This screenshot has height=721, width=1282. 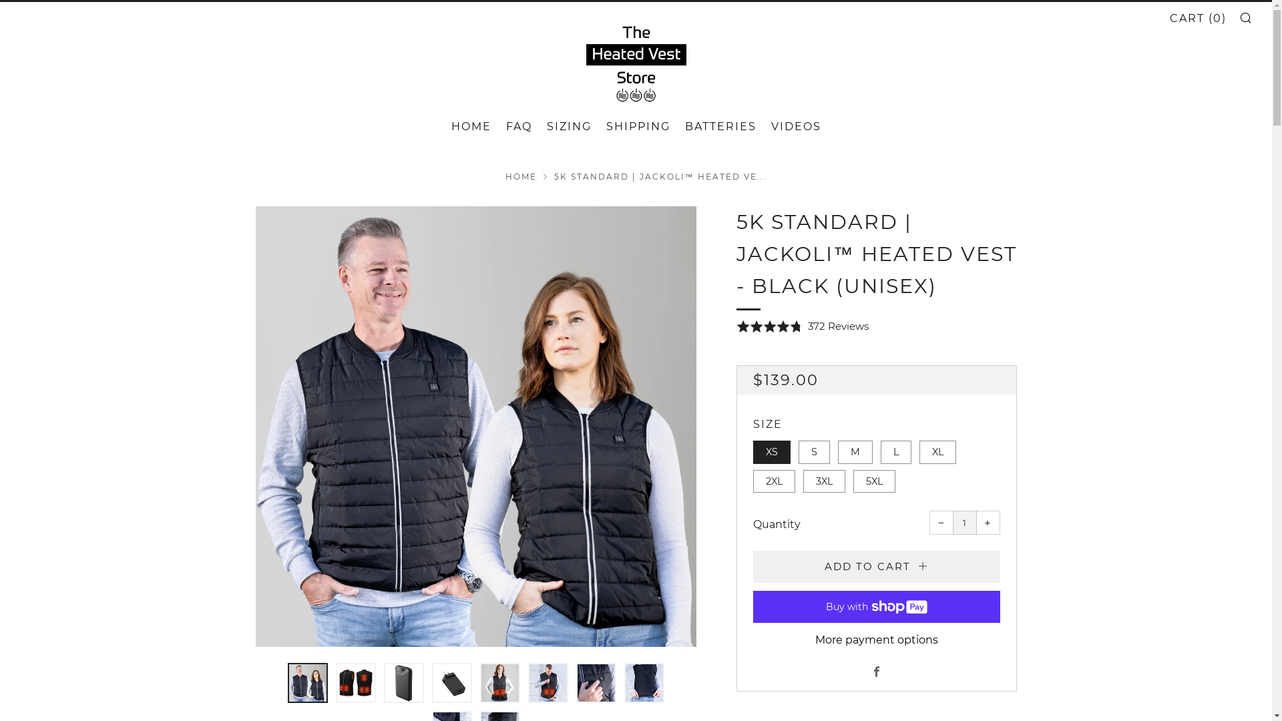 I want to click on 'BATTERIES', so click(x=685, y=126).